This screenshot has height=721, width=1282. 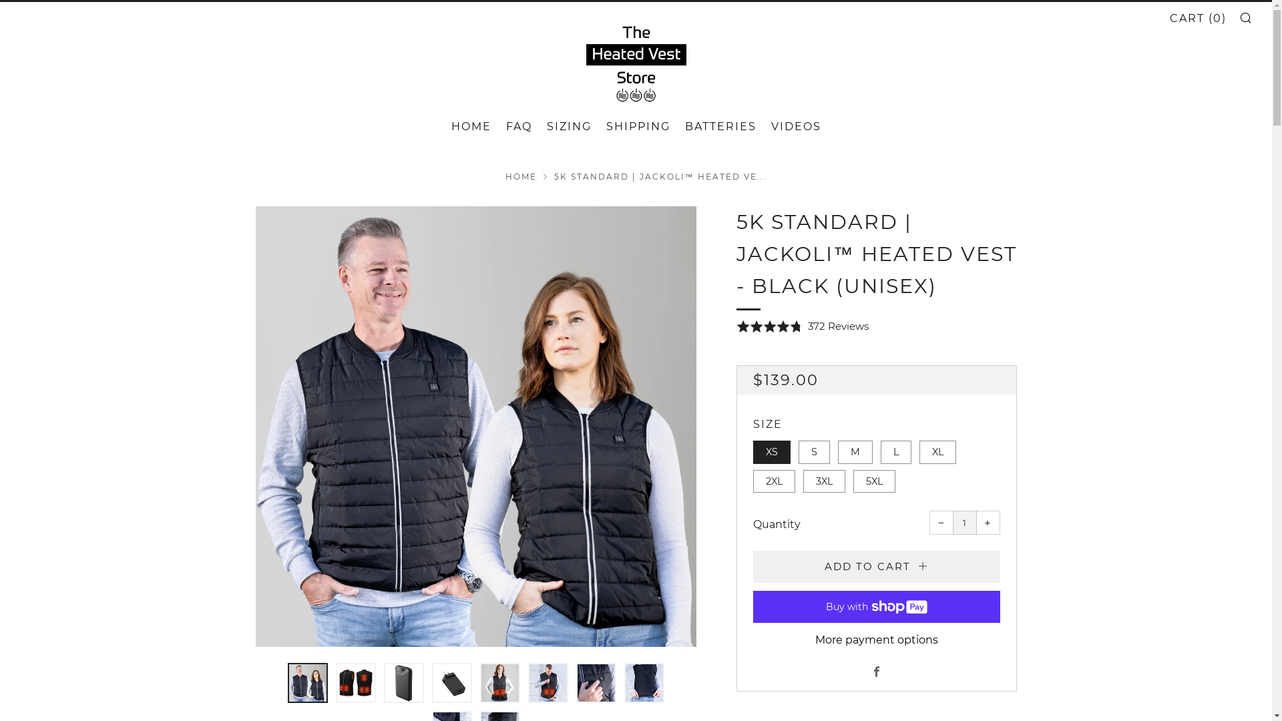 I want to click on 'BATTERIES', so click(x=685, y=126).